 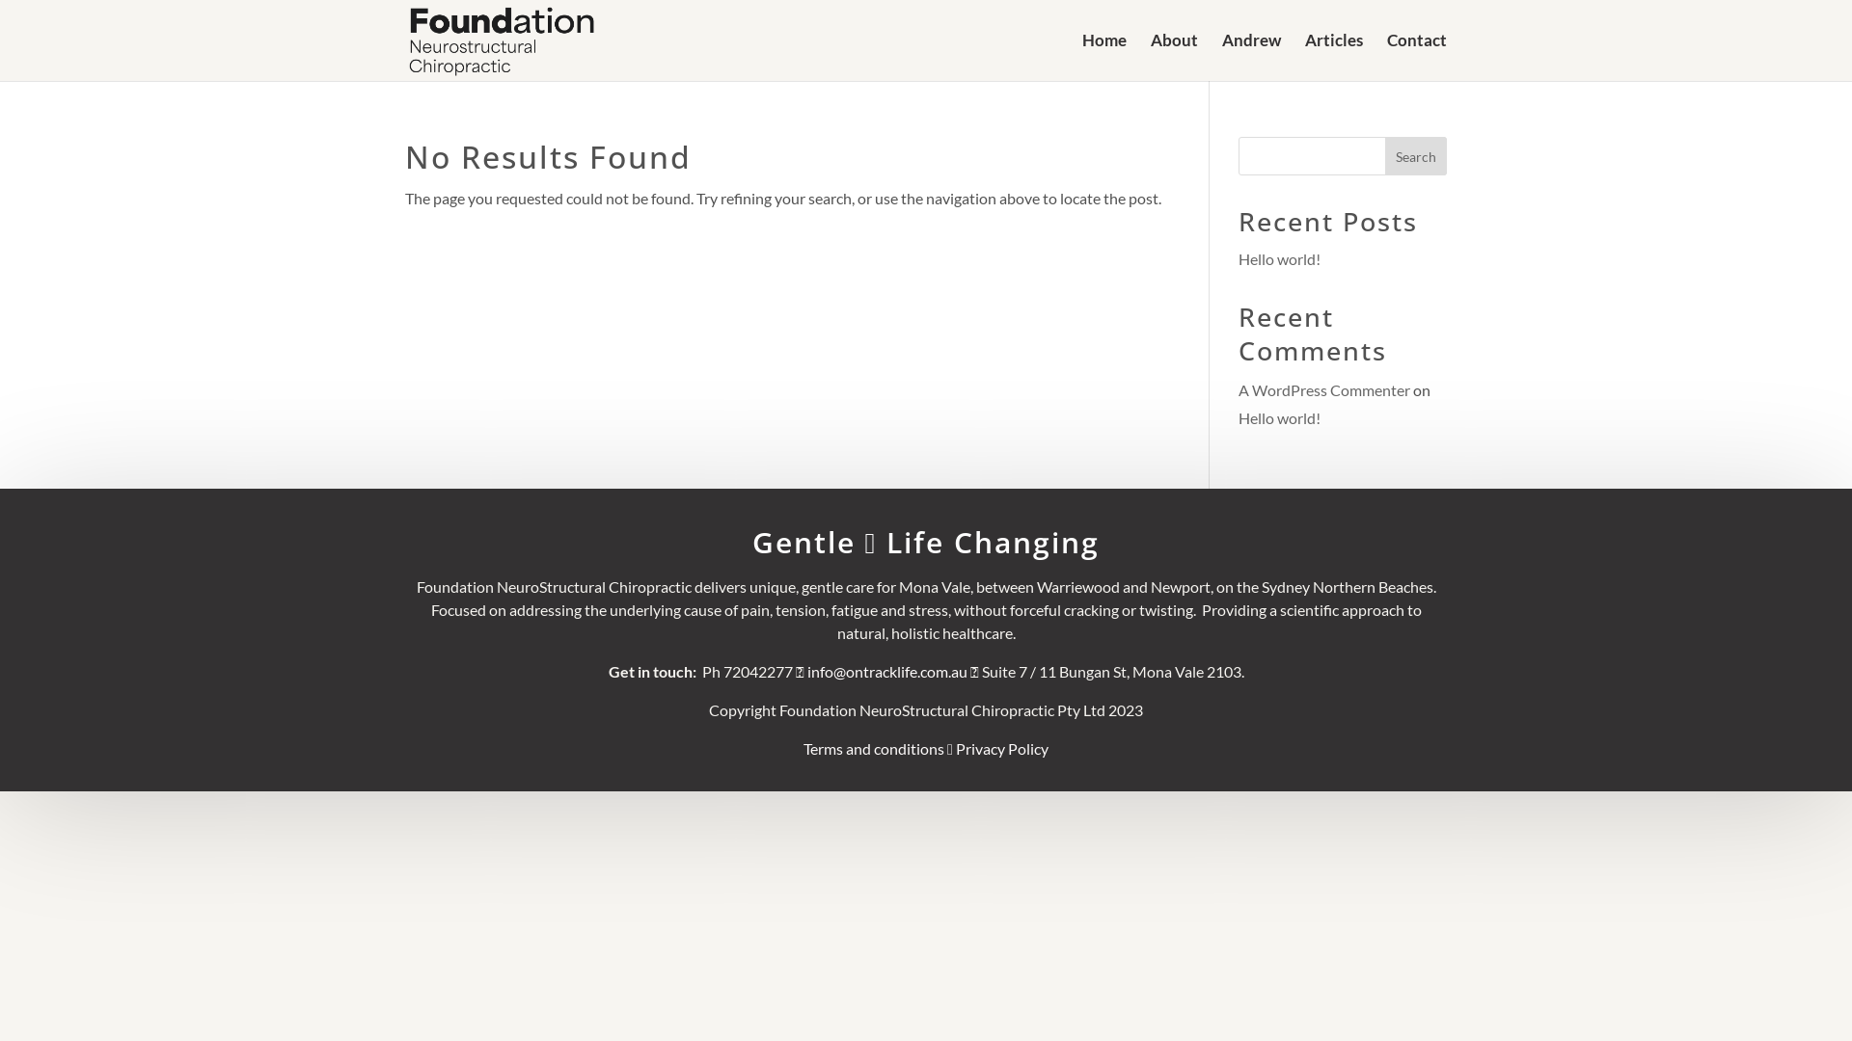 What do you see at coordinates (1332, 56) in the screenshot?
I see `'Articles'` at bounding box center [1332, 56].